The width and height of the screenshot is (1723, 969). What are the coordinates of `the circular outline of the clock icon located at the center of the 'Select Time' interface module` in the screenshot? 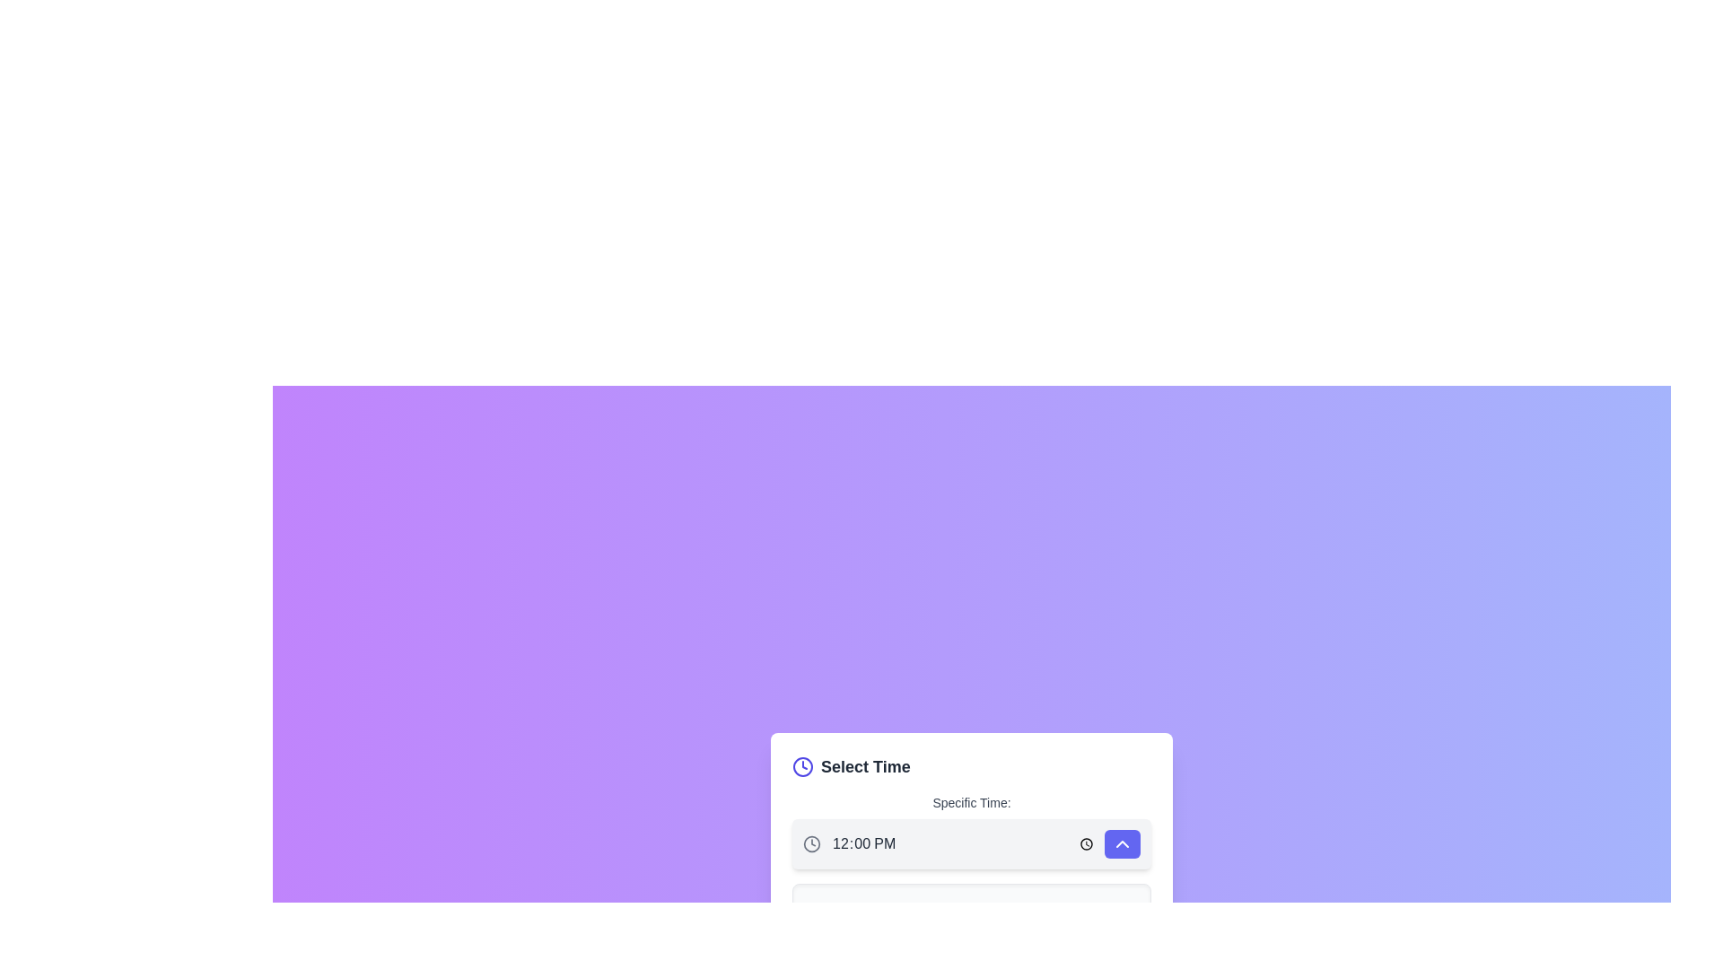 It's located at (811, 844).